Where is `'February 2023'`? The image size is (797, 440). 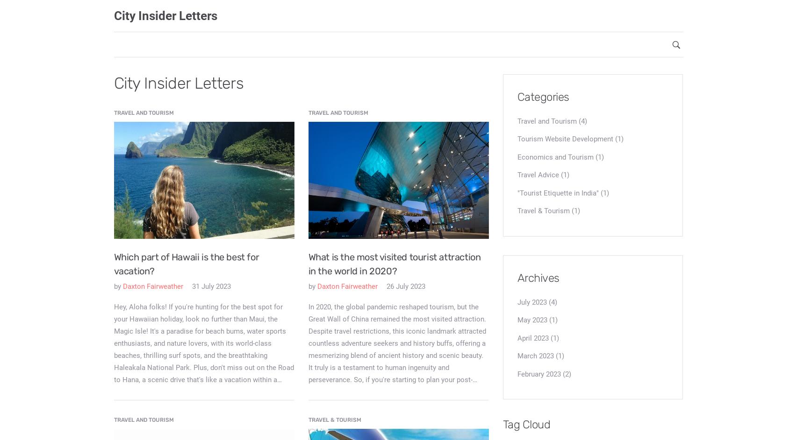
'February 2023' is located at coordinates (517, 373).